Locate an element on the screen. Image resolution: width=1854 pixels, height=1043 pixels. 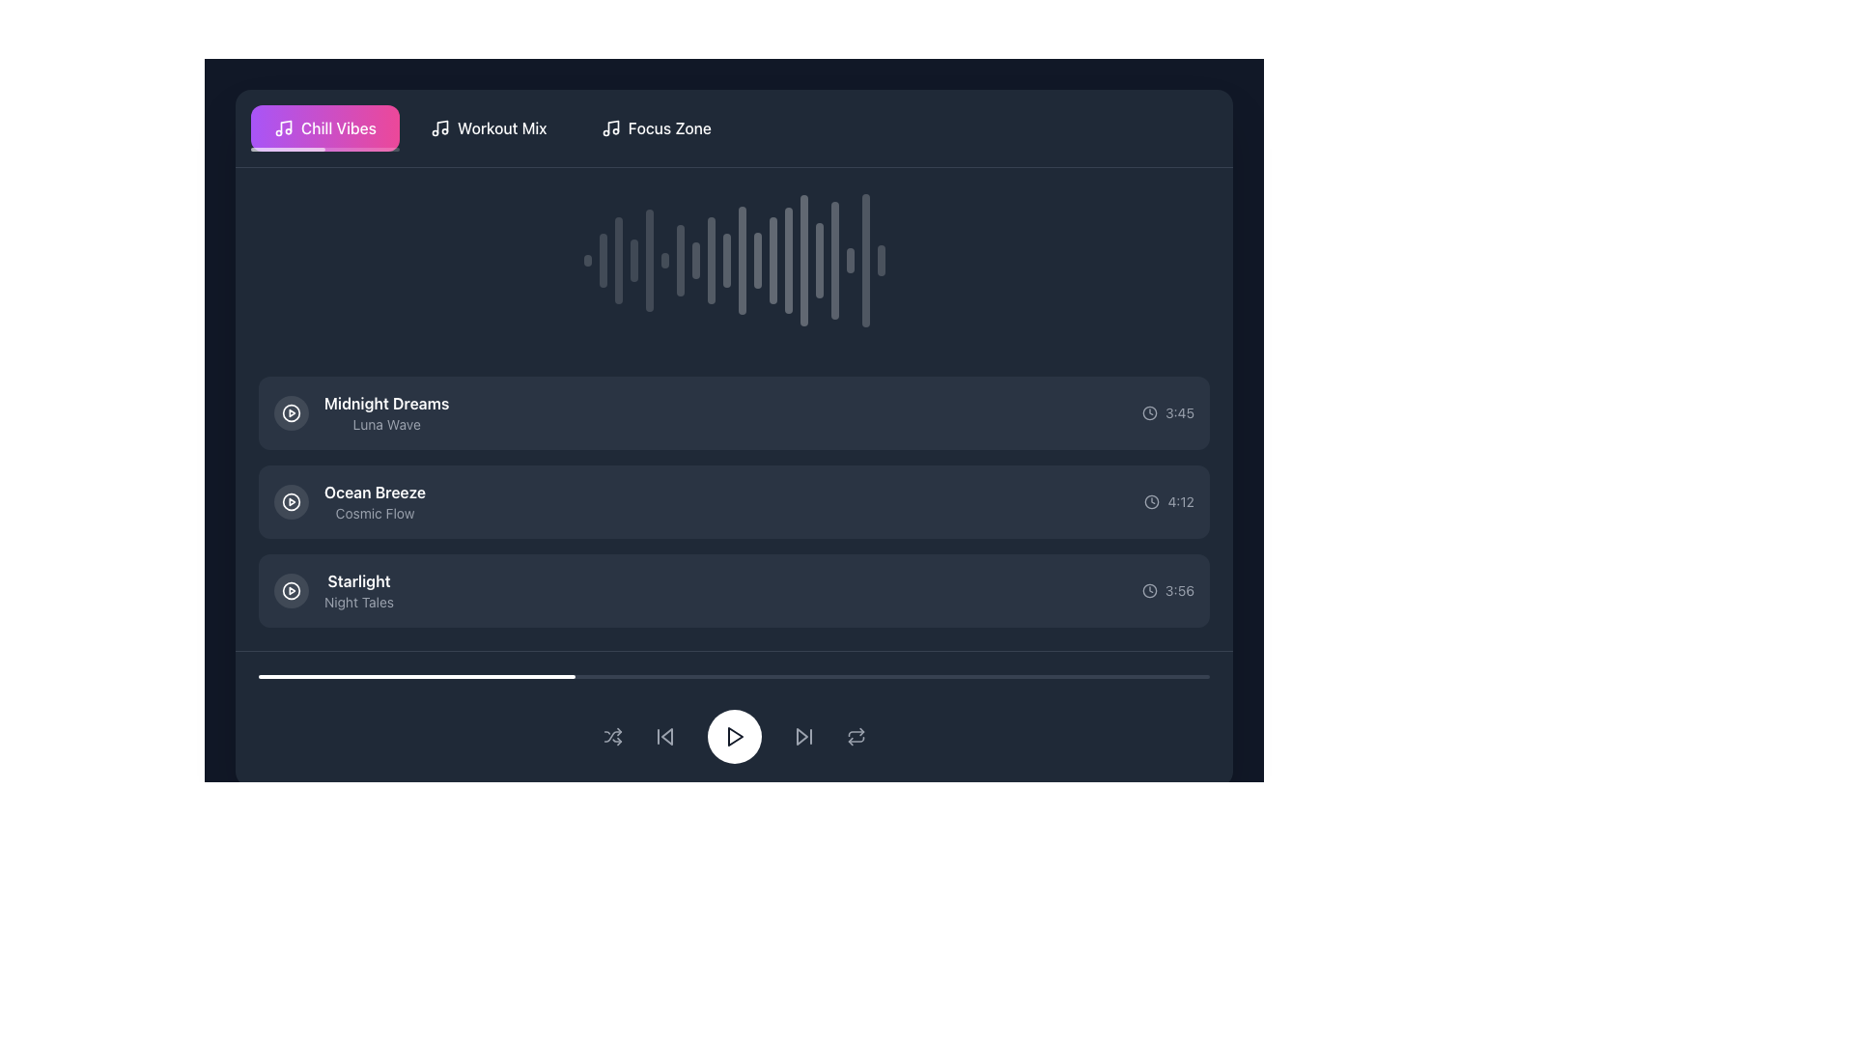
the play button located at the bottom-center section of the interface to initiate media playback is located at coordinates (733, 737).